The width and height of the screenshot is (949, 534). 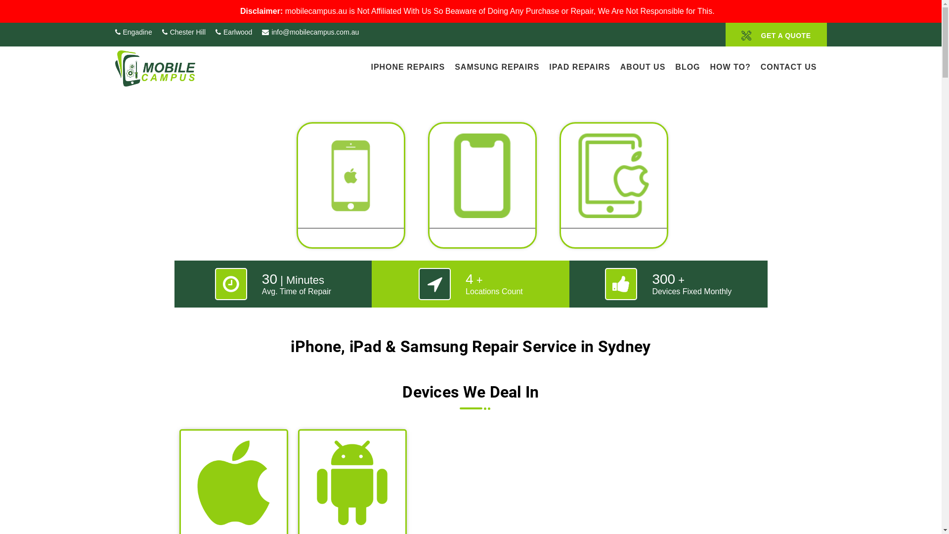 I want to click on 'IPAD REPAIRS', so click(x=579, y=66).